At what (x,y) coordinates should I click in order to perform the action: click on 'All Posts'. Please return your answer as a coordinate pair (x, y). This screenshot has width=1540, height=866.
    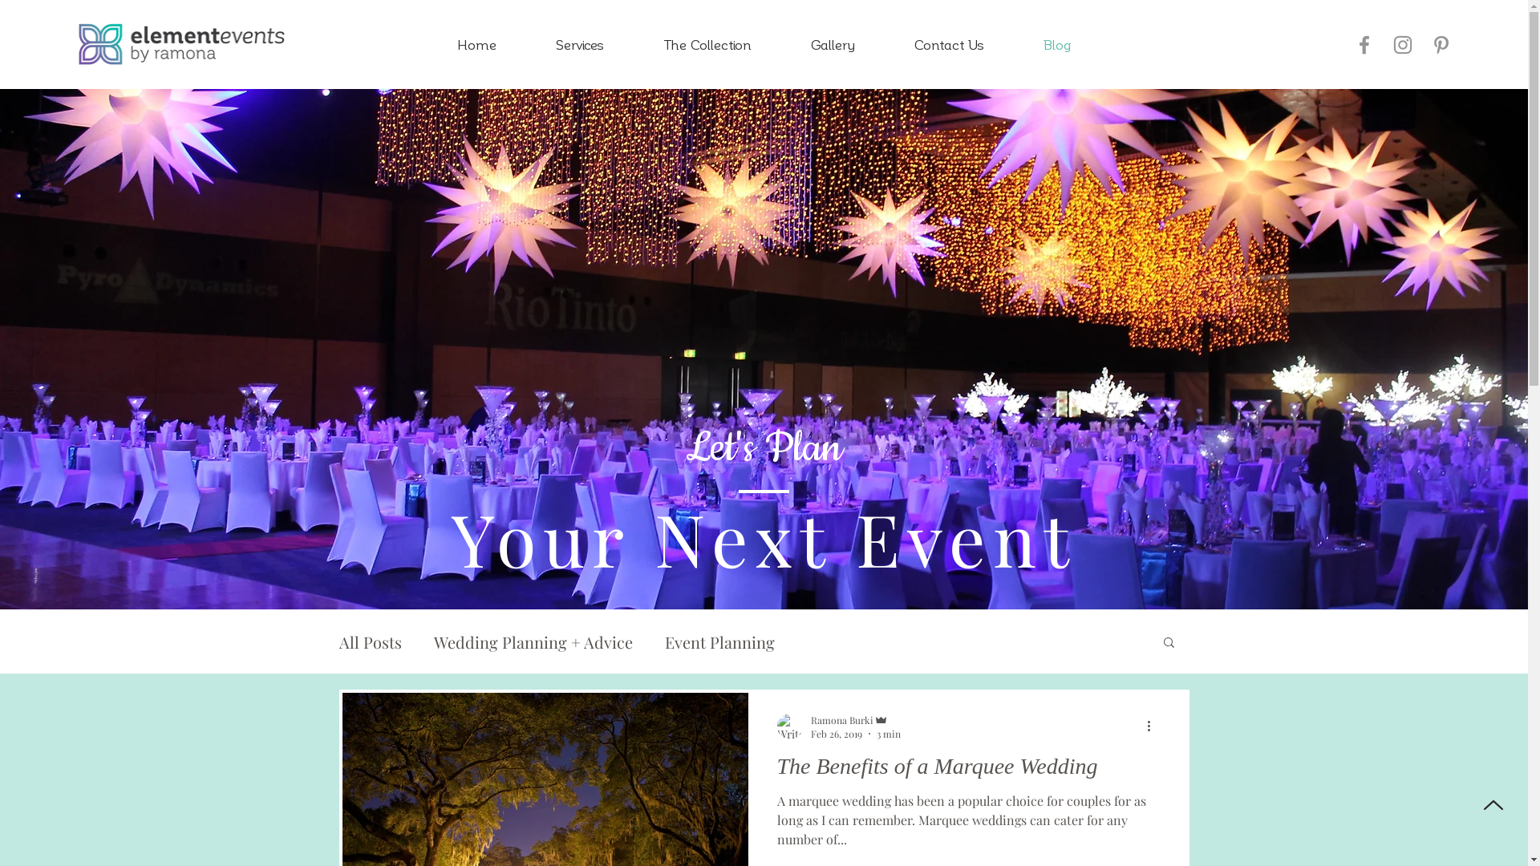
    Looking at the image, I should click on (338, 640).